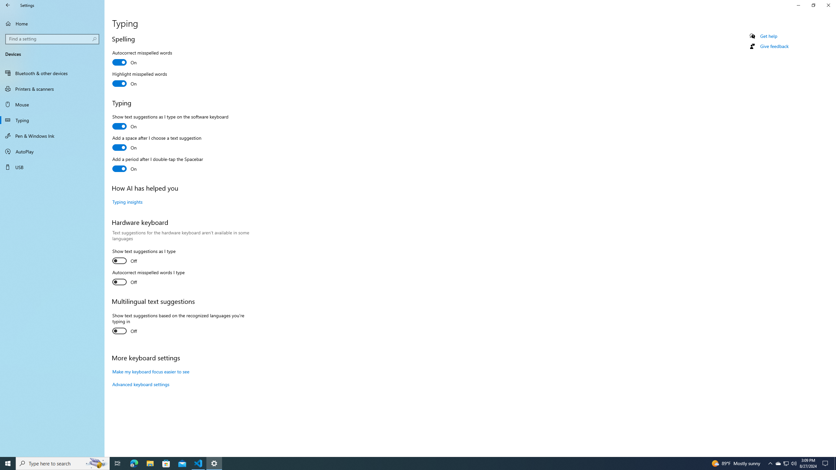 This screenshot has width=836, height=470. Describe the element at coordinates (62, 463) in the screenshot. I see `'Type here to search'` at that location.